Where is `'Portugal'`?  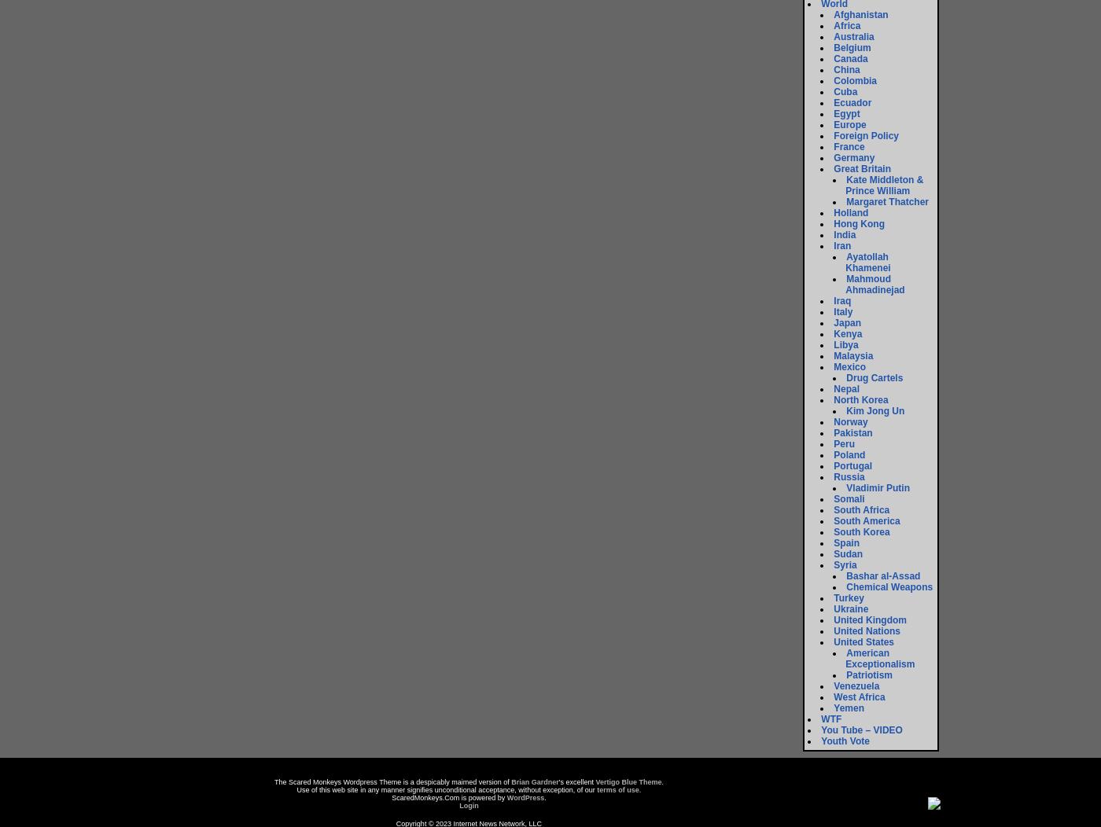
'Portugal' is located at coordinates (833, 465).